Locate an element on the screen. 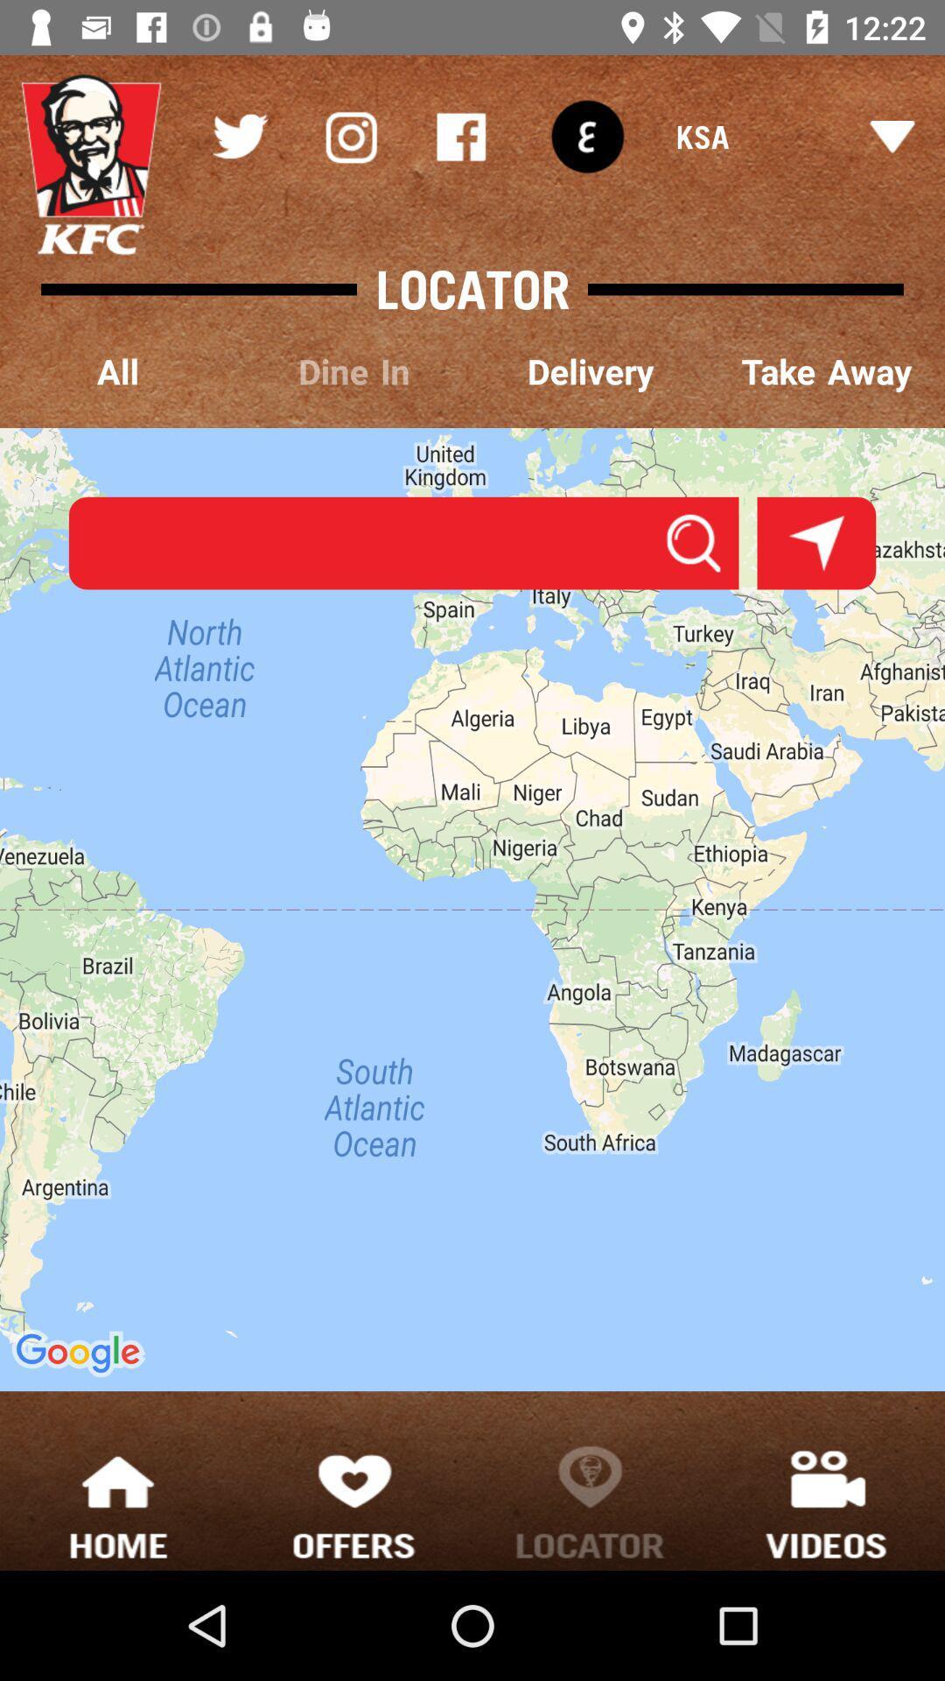 This screenshot has height=1681, width=945. icon below all item is located at coordinates (403, 542).